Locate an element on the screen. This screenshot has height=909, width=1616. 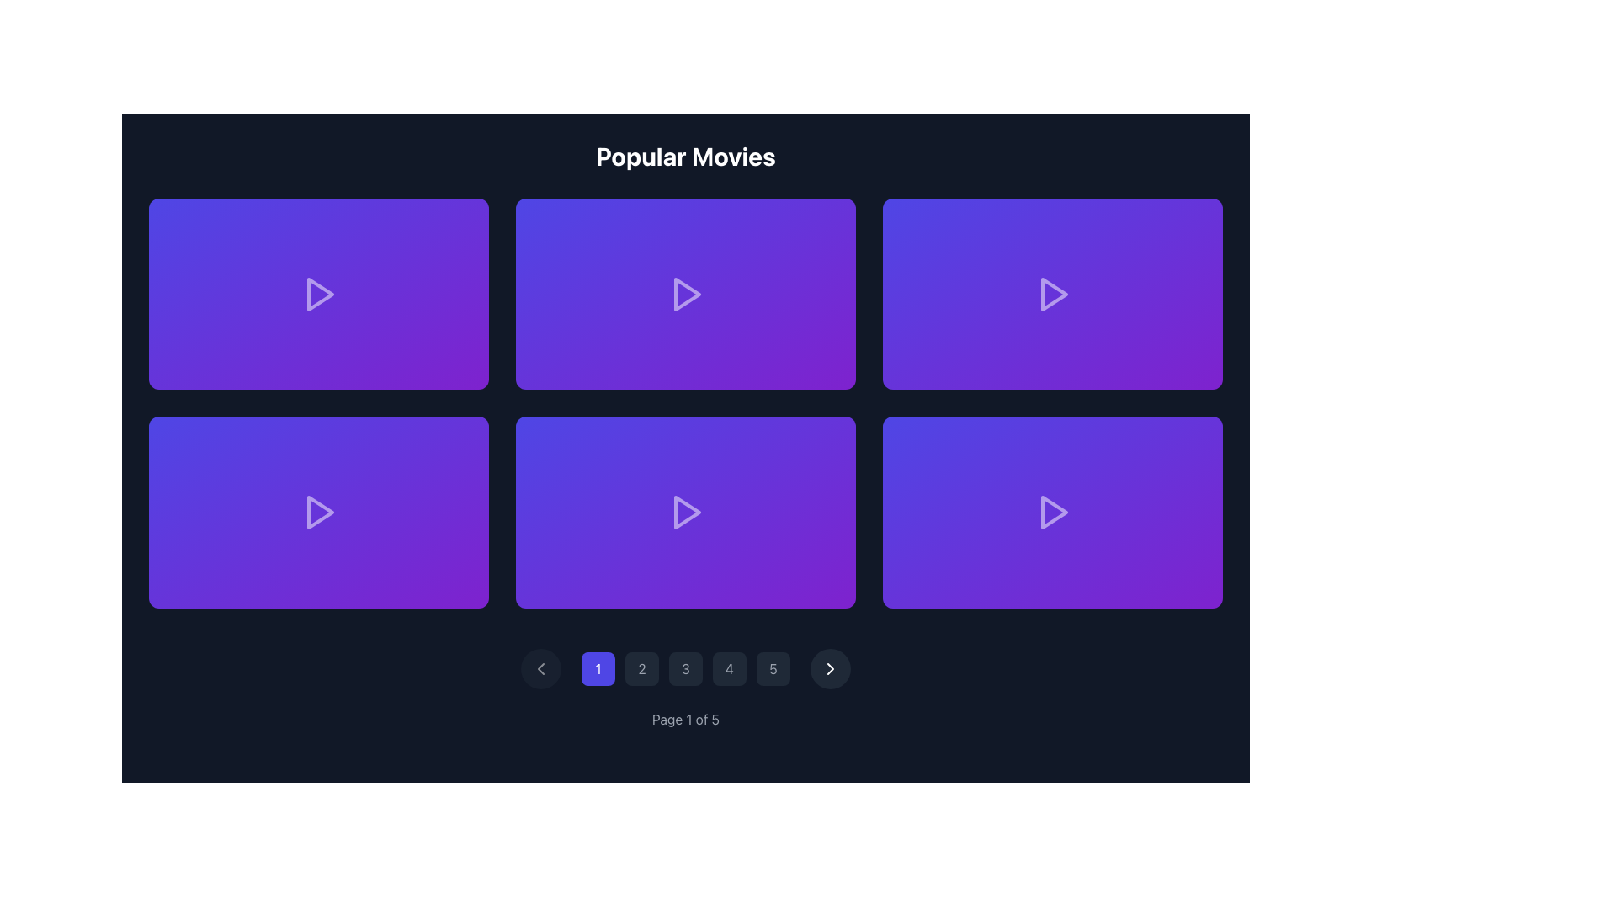
the triangular play icon with a light shade on a purple gradient background located inside the second card of the top row in the 'Popular Movies' section is located at coordinates (687, 292).